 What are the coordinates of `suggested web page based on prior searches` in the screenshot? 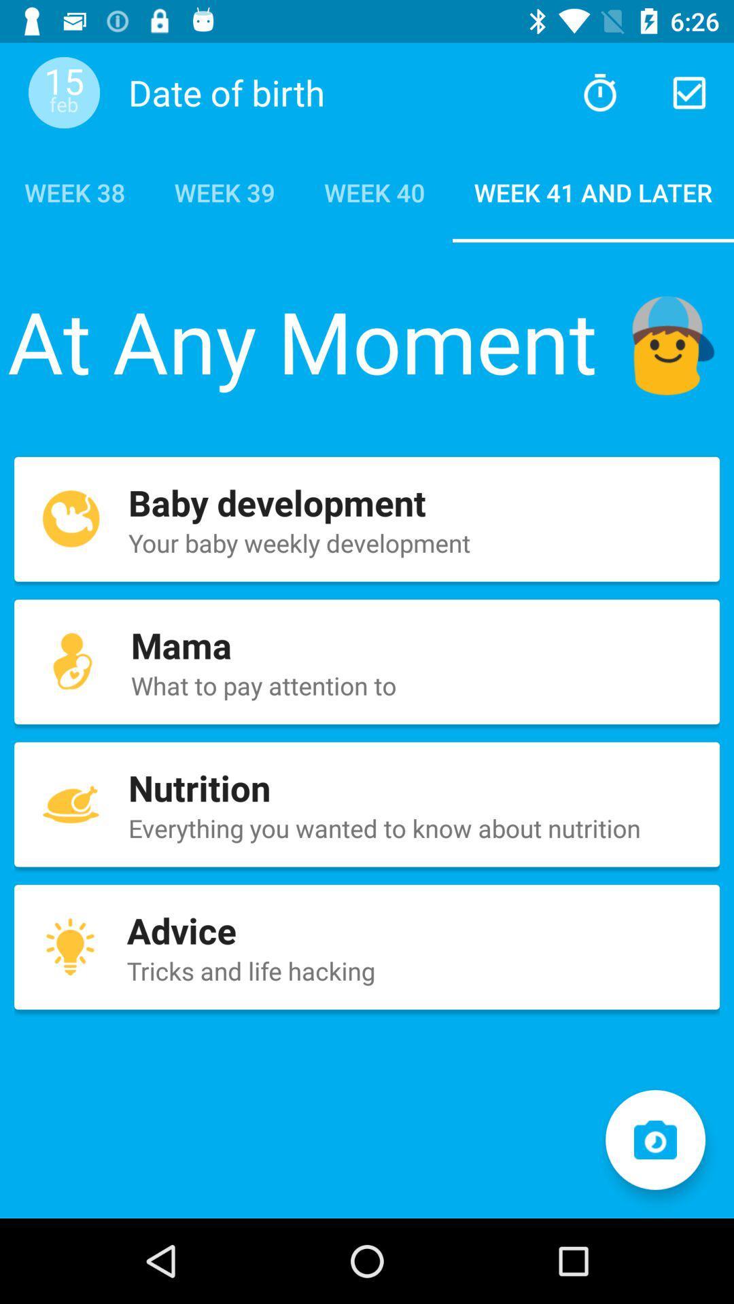 It's located at (599, 92).